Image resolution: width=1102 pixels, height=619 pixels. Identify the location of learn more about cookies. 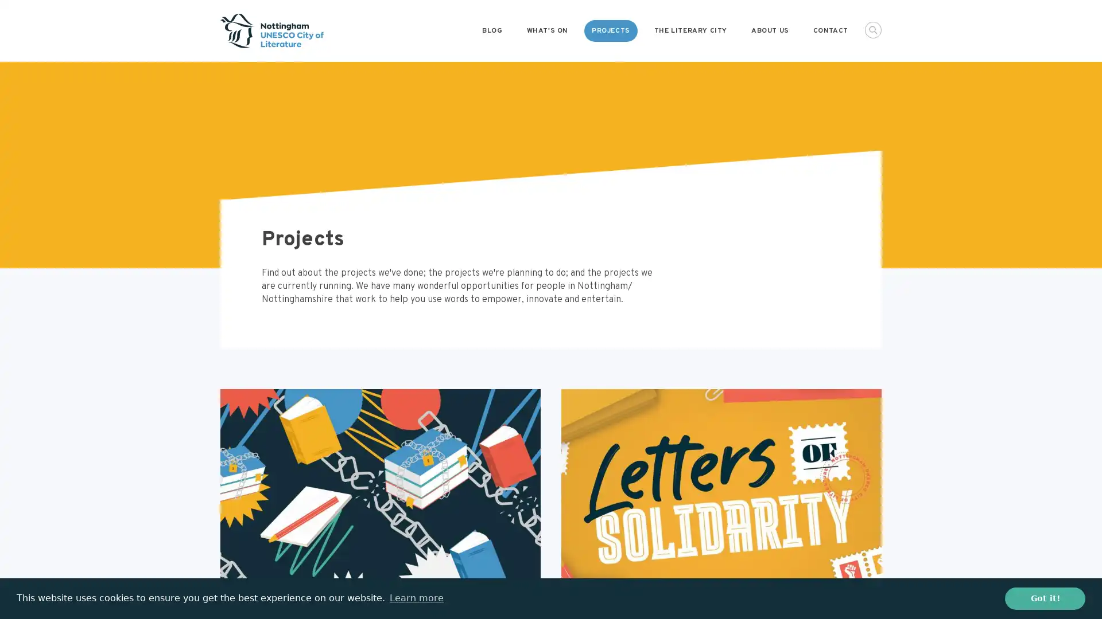
(416, 598).